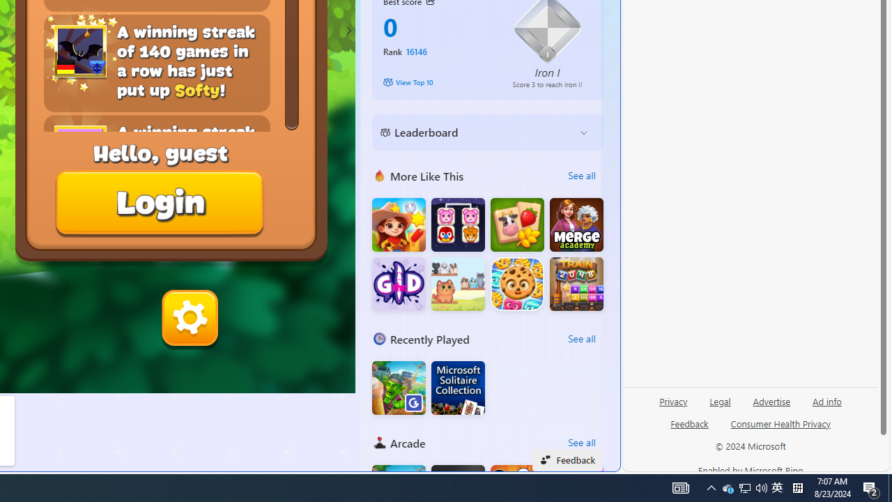 Image resolution: width=892 pixels, height=502 pixels. I want to click on 'Arcade', so click(379, 443).